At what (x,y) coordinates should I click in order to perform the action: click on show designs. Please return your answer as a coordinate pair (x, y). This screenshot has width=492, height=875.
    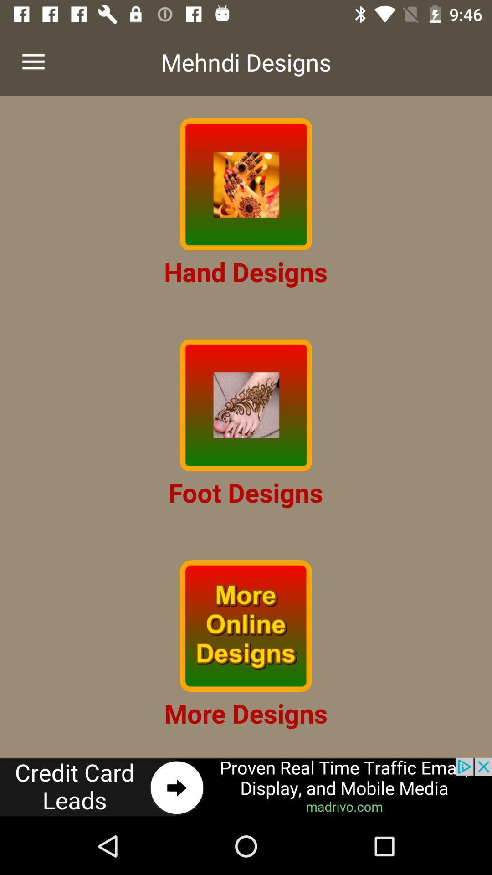
    Looking at the image, I should click on (245, 184).